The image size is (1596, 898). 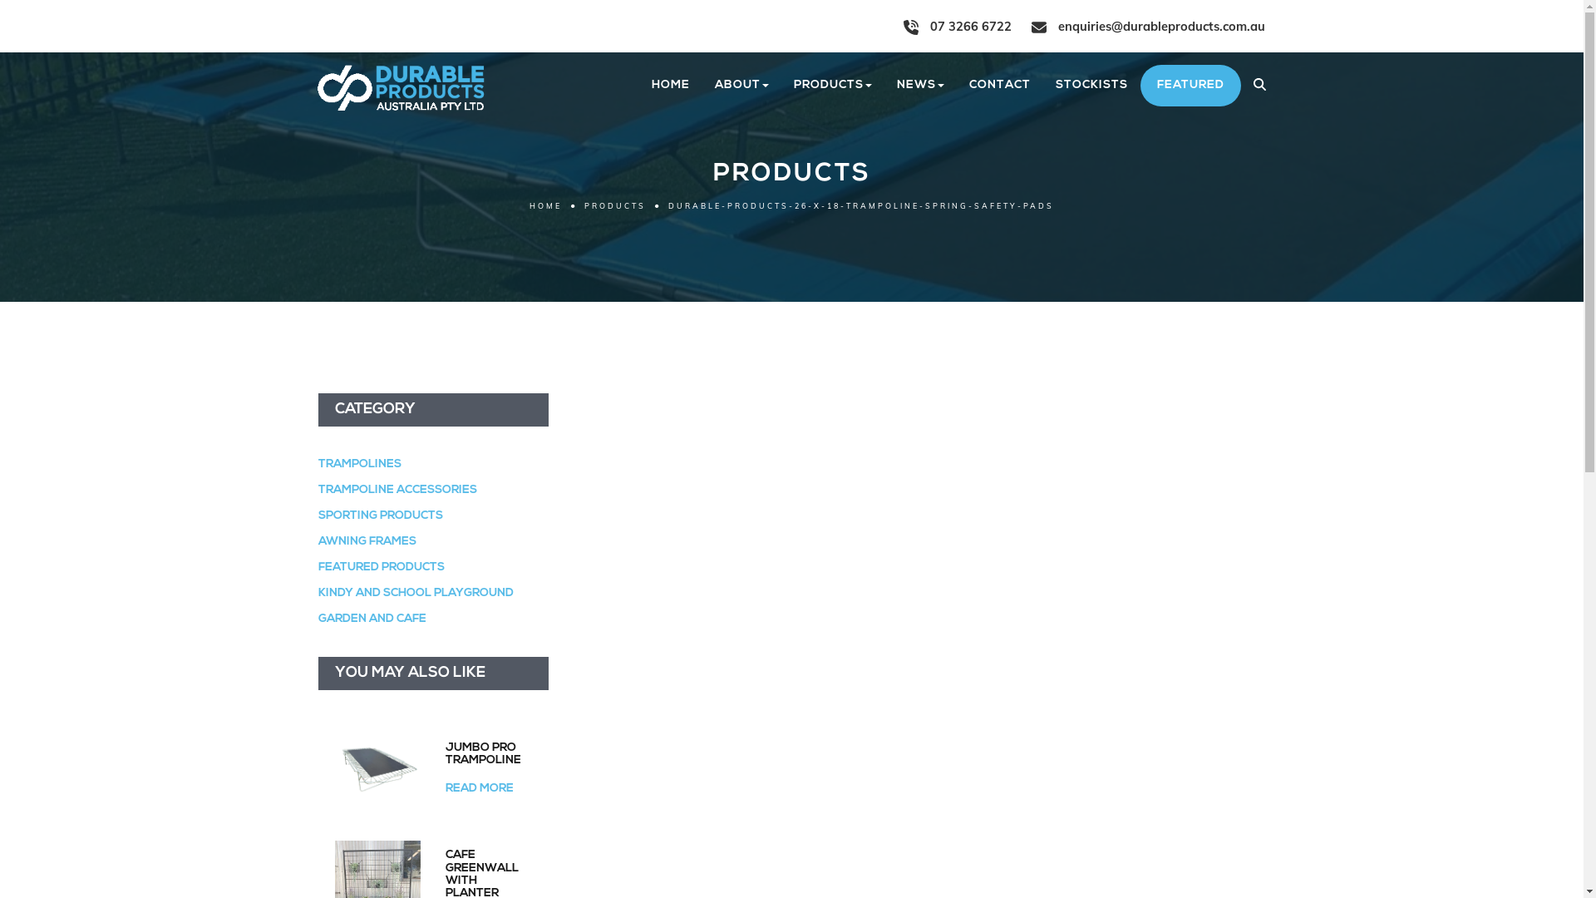 What do you see at coordinates (379, 566) in the screenshot?
I see `'FEATURED PRODUCTS'` at bounding box center [379, 566].